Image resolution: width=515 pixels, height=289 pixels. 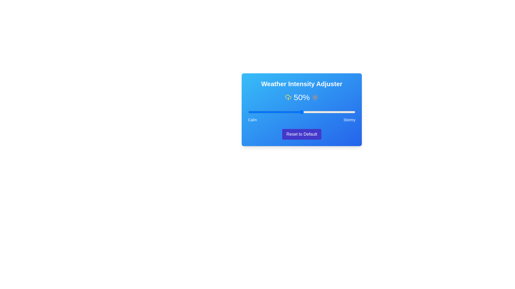 I want to click on the weather intensity slider to 91%, so click(x=346, y=112).